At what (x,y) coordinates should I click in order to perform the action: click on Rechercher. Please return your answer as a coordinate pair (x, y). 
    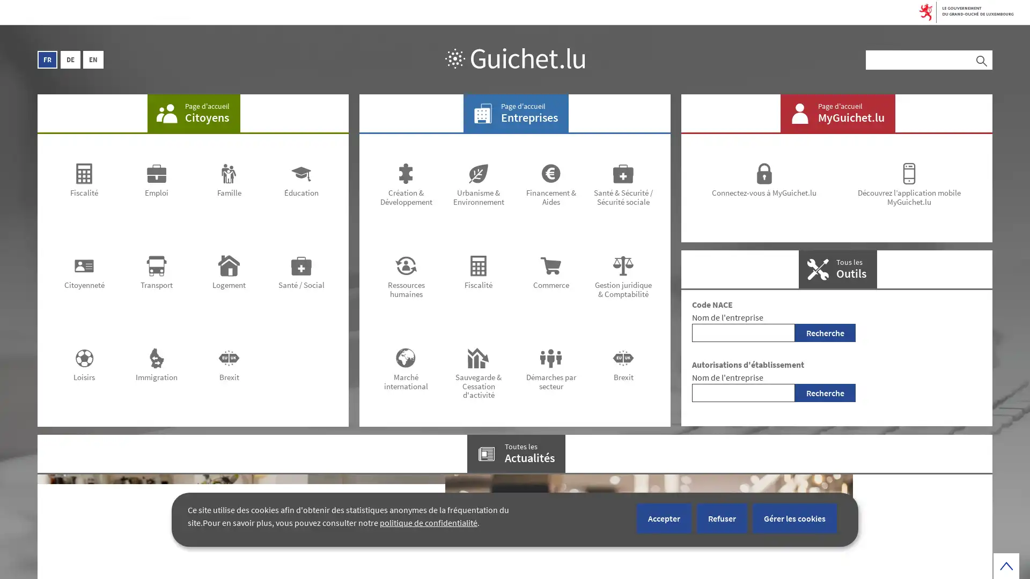
    Looking at the image, I should click on (981, 60).